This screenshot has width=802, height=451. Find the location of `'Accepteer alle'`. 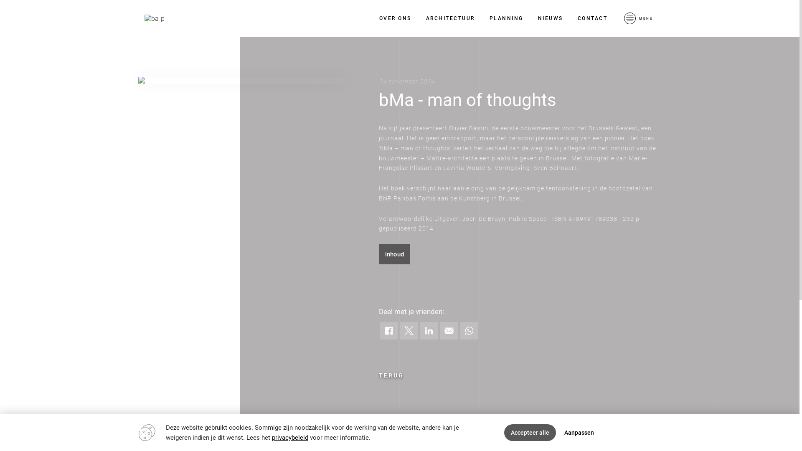

'Accepteer alle' is located at coordinates (529, 432).